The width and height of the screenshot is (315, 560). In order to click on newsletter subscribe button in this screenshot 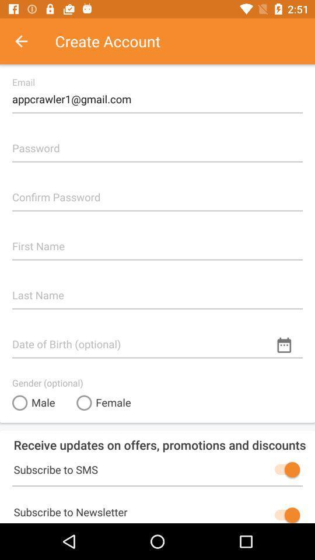, I will do `click(283, 513)`.